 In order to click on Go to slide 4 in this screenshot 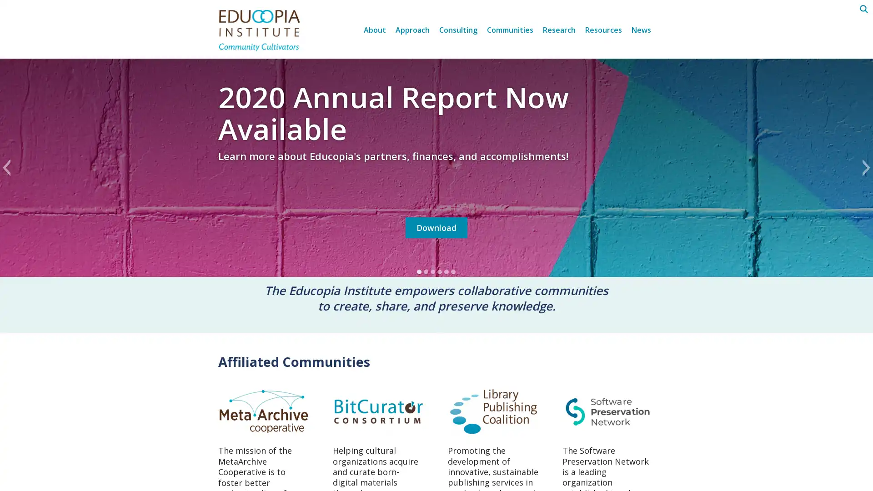, I will do `click(440, 271)`.